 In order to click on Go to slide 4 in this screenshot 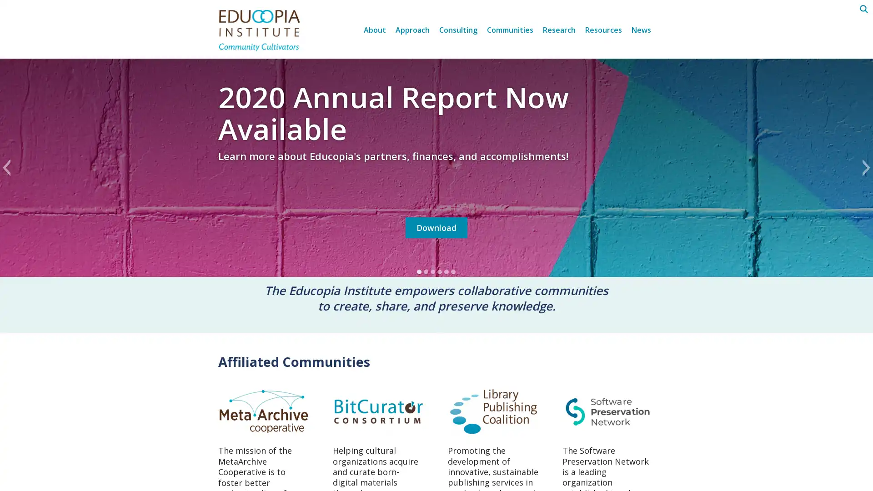, I will do `click(440, 271)`.